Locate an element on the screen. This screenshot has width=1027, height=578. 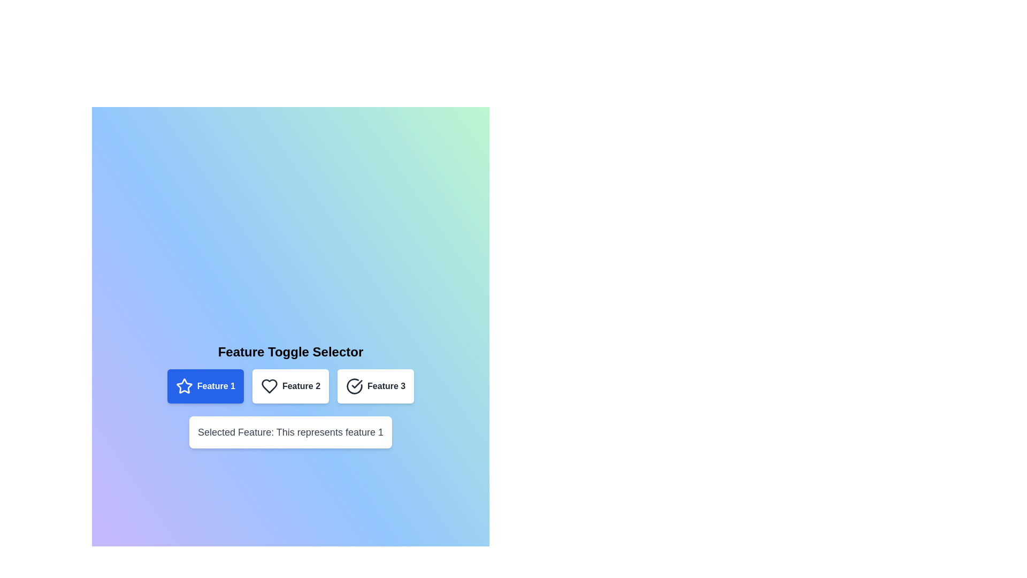
the button labeled 'Feature 3' to select it is located at coordinates (375, 386).